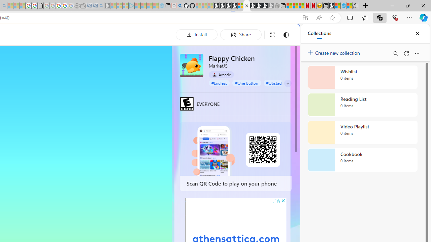  What do you see at coordinates (221, 75) in the screenshot?
I see `'Arcade'` at bounding box center [221, 75].